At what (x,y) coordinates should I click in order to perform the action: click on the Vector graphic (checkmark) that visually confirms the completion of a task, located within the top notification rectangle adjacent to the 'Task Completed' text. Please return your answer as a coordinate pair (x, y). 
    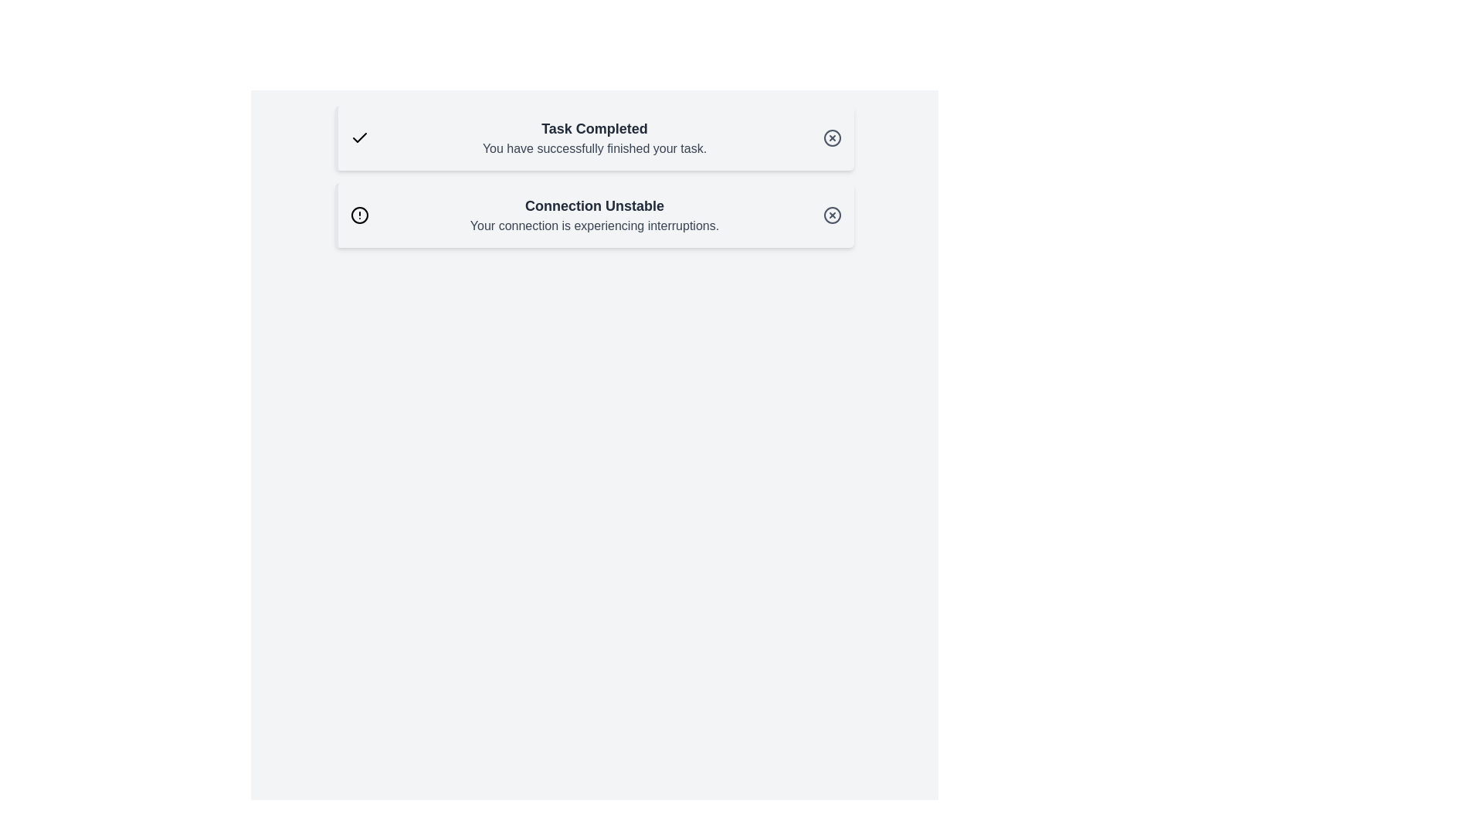
    Looking at the image, I should click on (358, 137).